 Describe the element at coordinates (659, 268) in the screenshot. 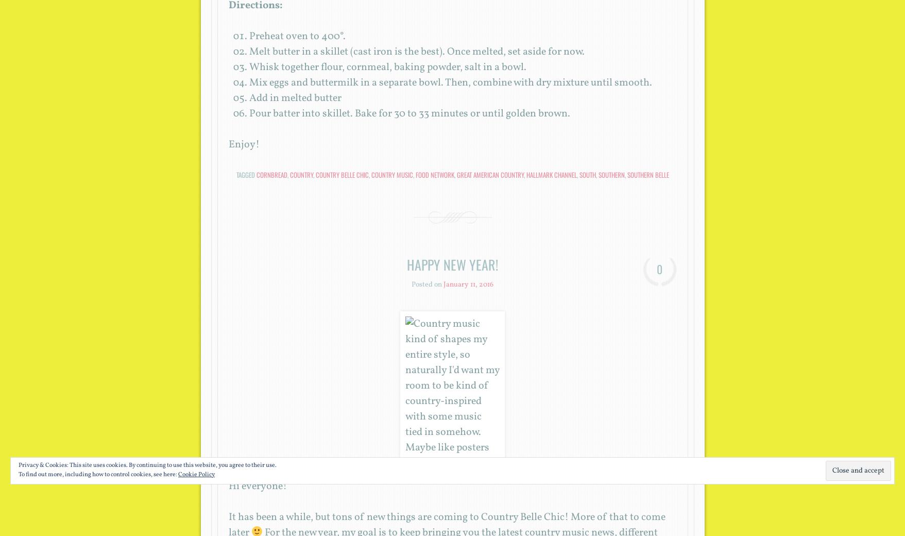

I see `'0'` at that location.